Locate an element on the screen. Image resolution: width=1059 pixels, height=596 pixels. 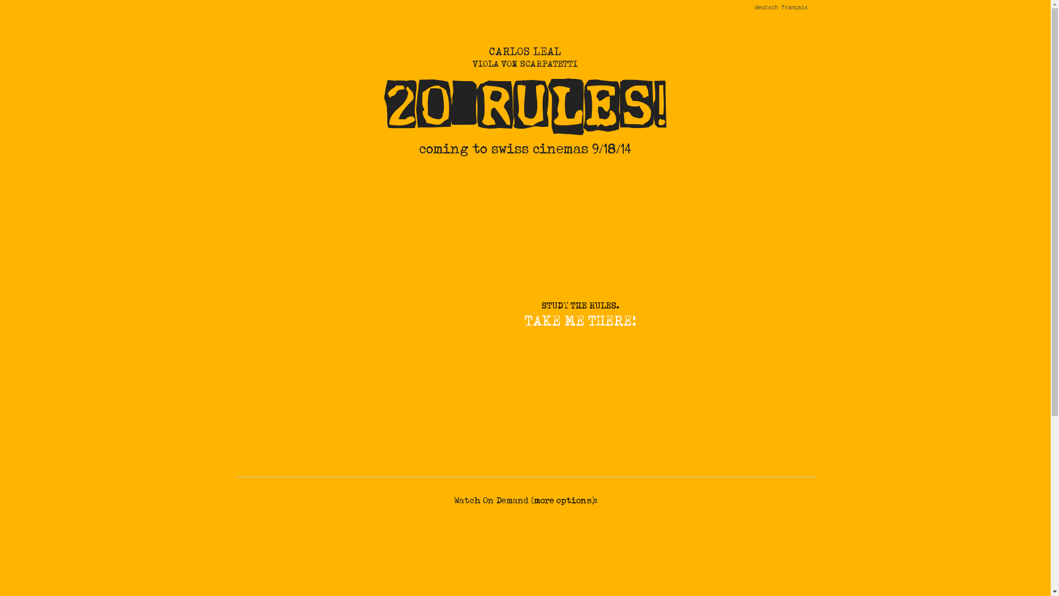
'deutsch' is located at coordinates (765, 8).